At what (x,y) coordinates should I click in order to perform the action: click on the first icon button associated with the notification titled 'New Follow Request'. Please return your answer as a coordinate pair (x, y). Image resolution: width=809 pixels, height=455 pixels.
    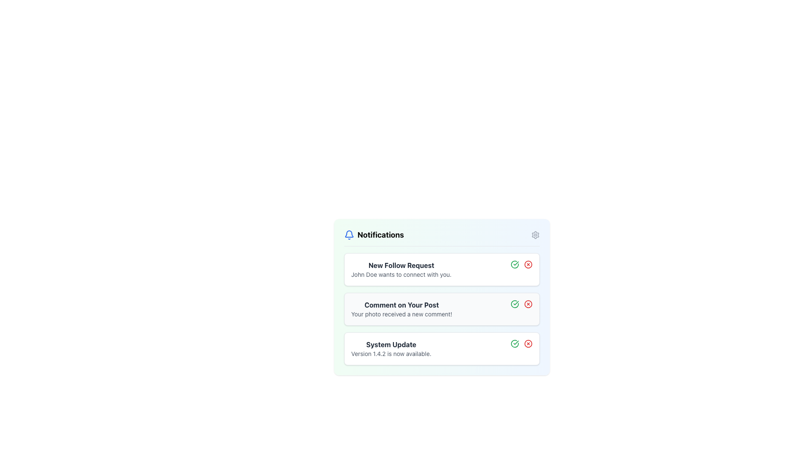
    Looking at the image, I should click on (514, 264).